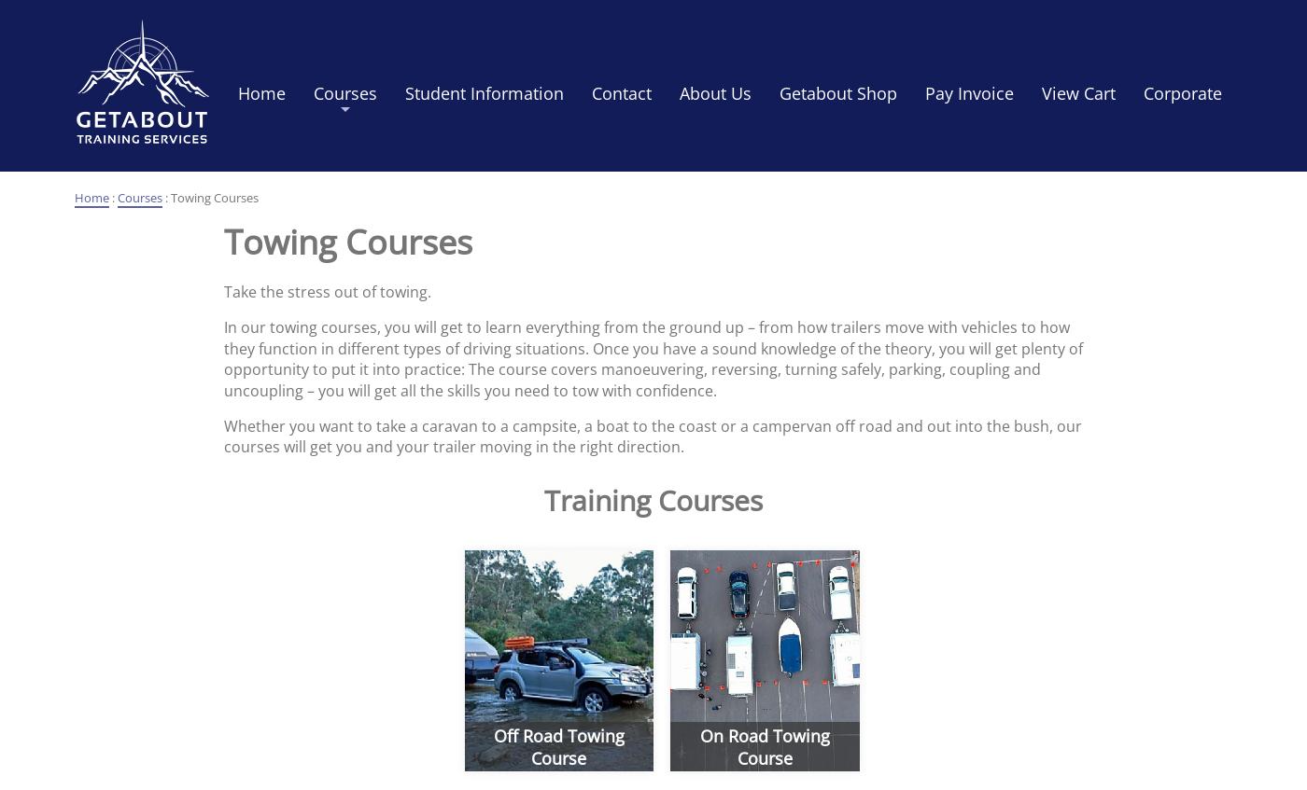 The image size is (1307, 790). I want to click on 'Courses', so click(139, 198).